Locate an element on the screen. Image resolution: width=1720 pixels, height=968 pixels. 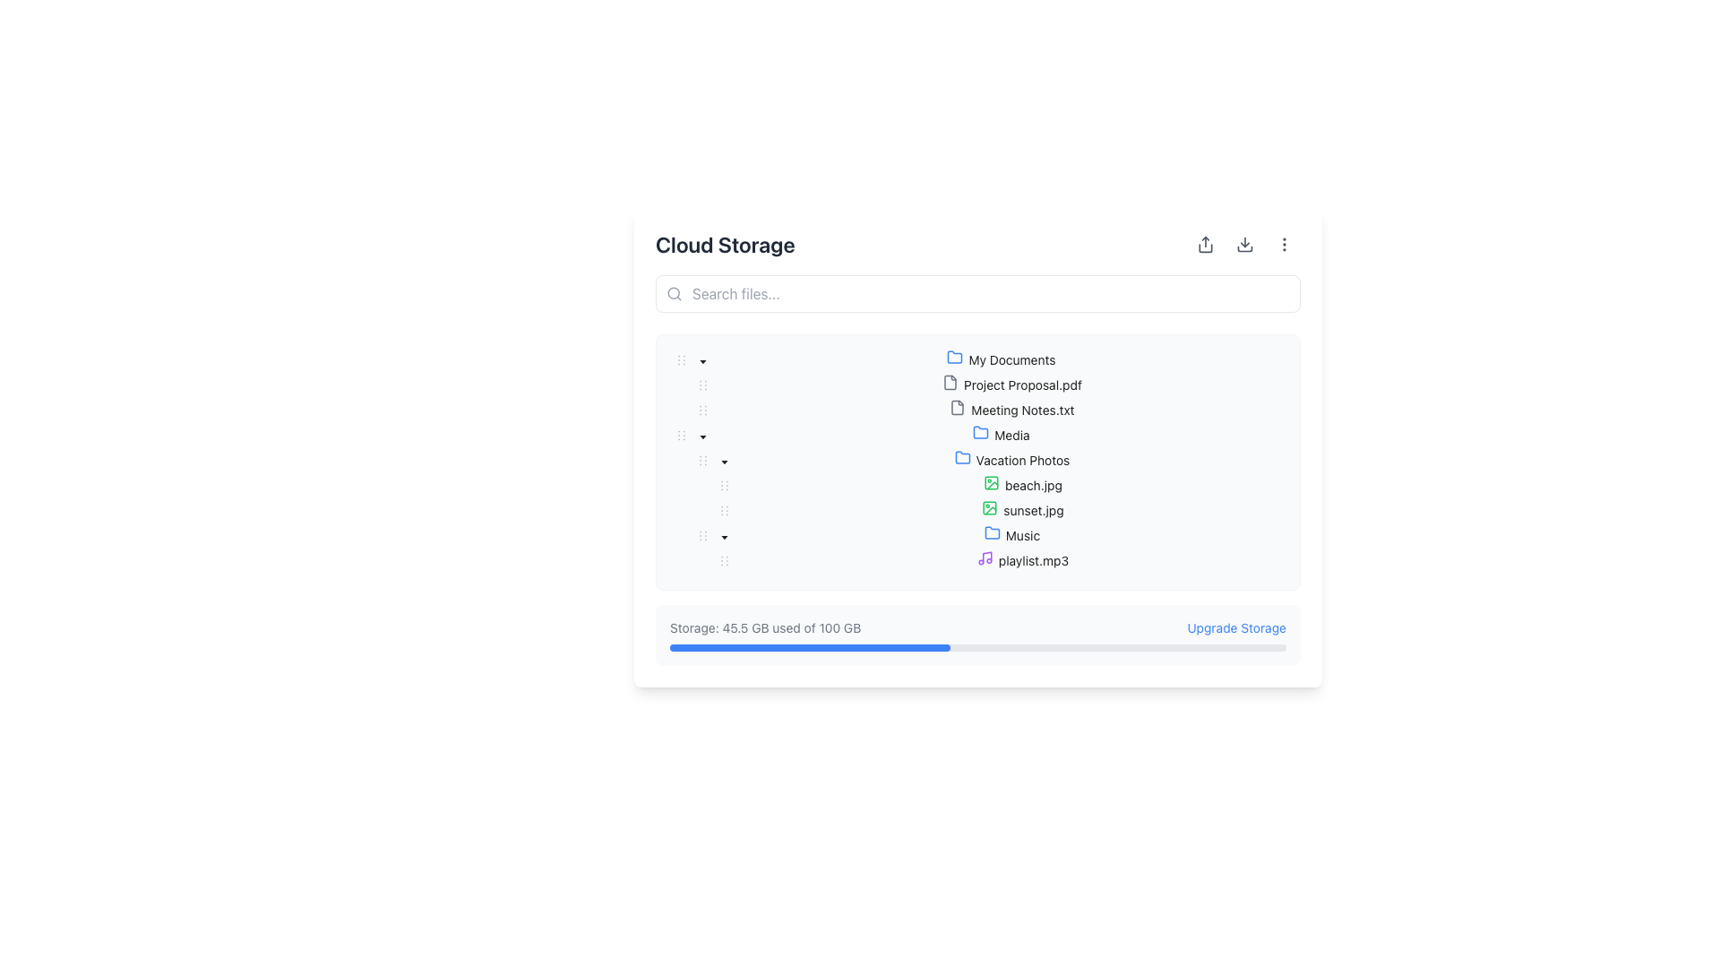
the folder icon with a blue outline representing 'Vacation Photos' is located at coordinates (964, 459).